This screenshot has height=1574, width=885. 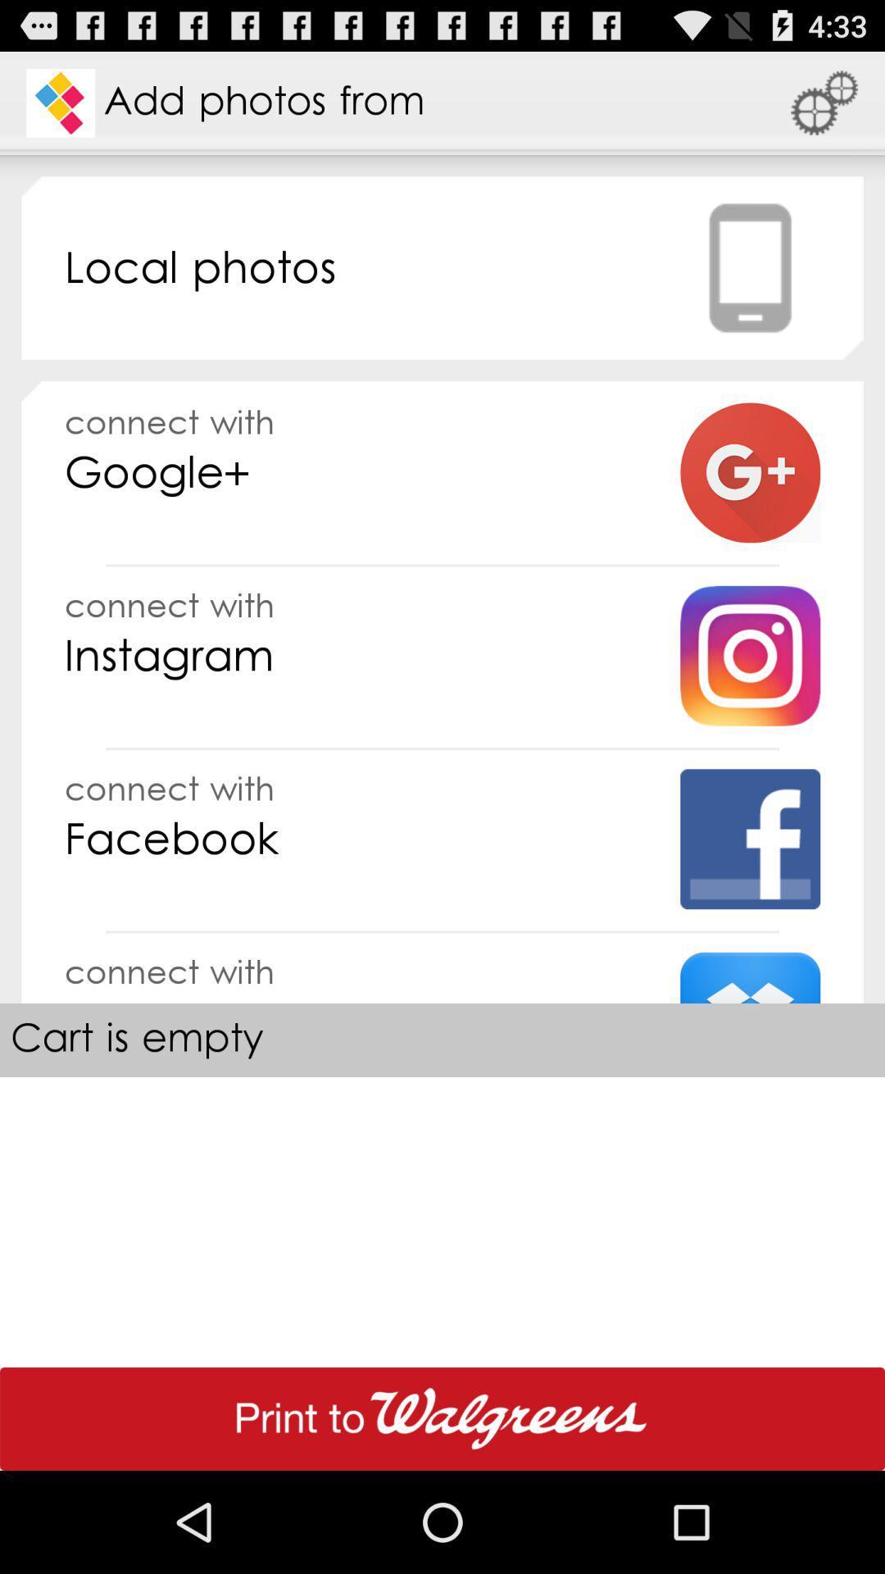 I want to click on app next to add photos from app, so click(x=824, y=102).